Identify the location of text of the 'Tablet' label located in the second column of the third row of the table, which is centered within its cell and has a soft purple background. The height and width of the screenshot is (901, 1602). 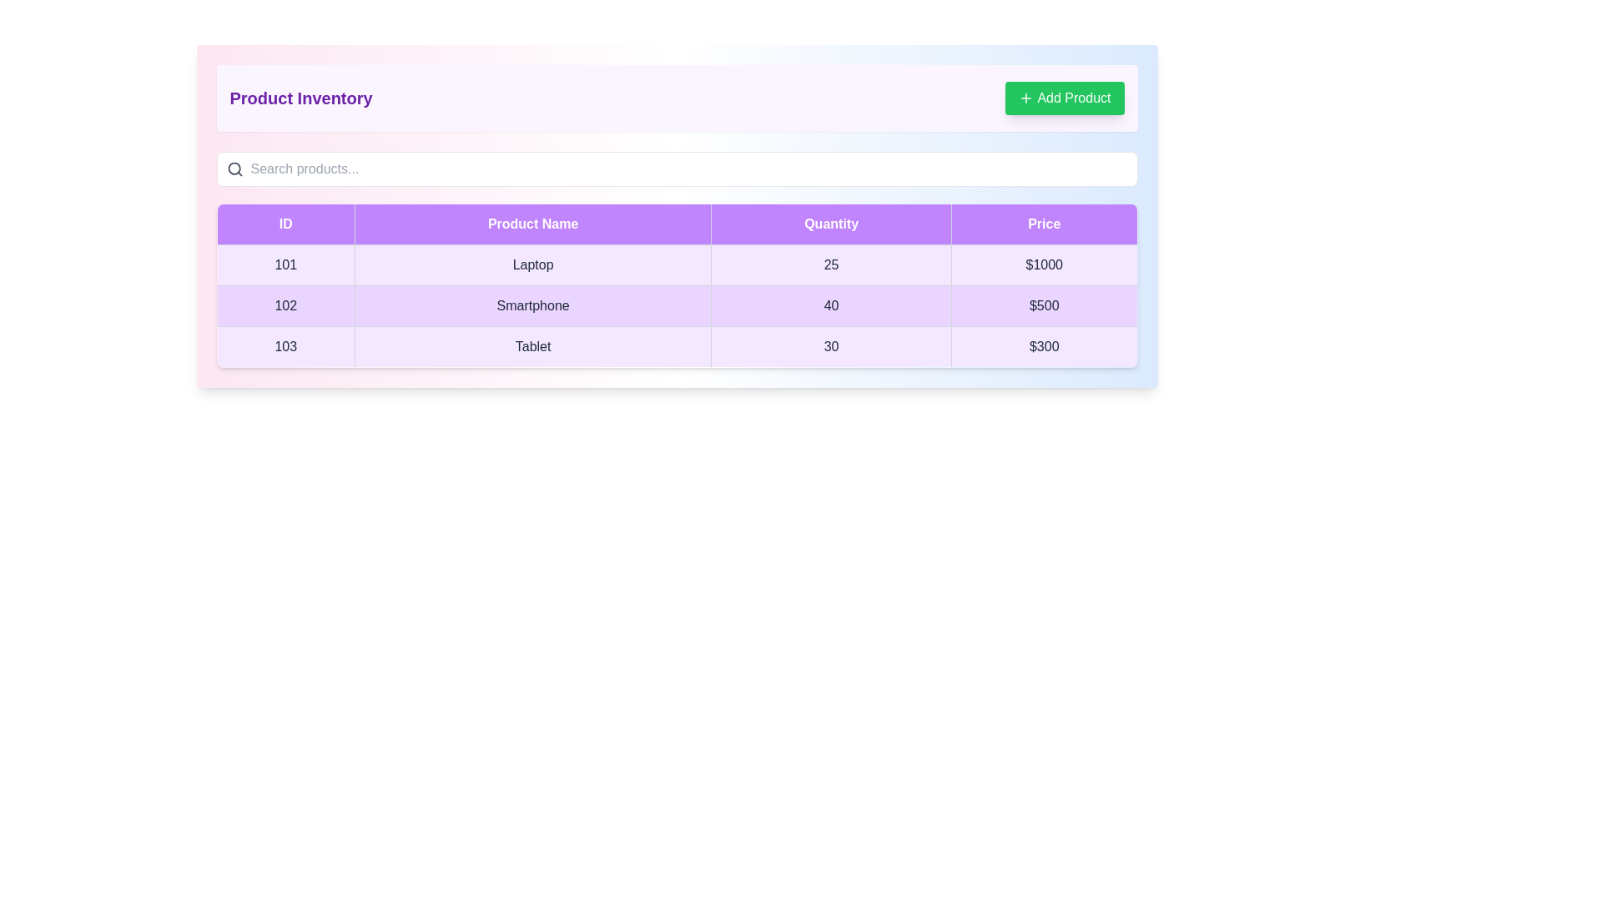
(532, 346).